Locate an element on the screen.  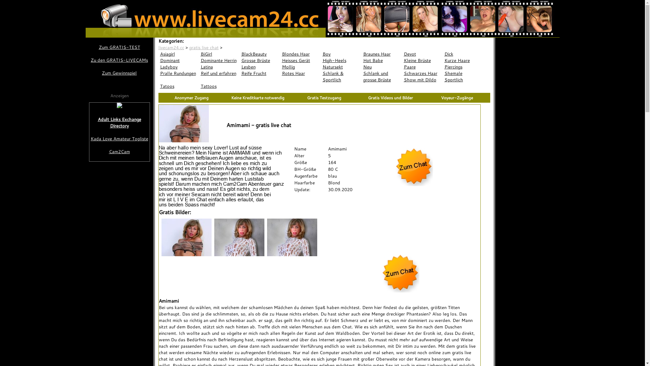
'Adult Links Exchange Directory' is located at coordinates (120, 123).